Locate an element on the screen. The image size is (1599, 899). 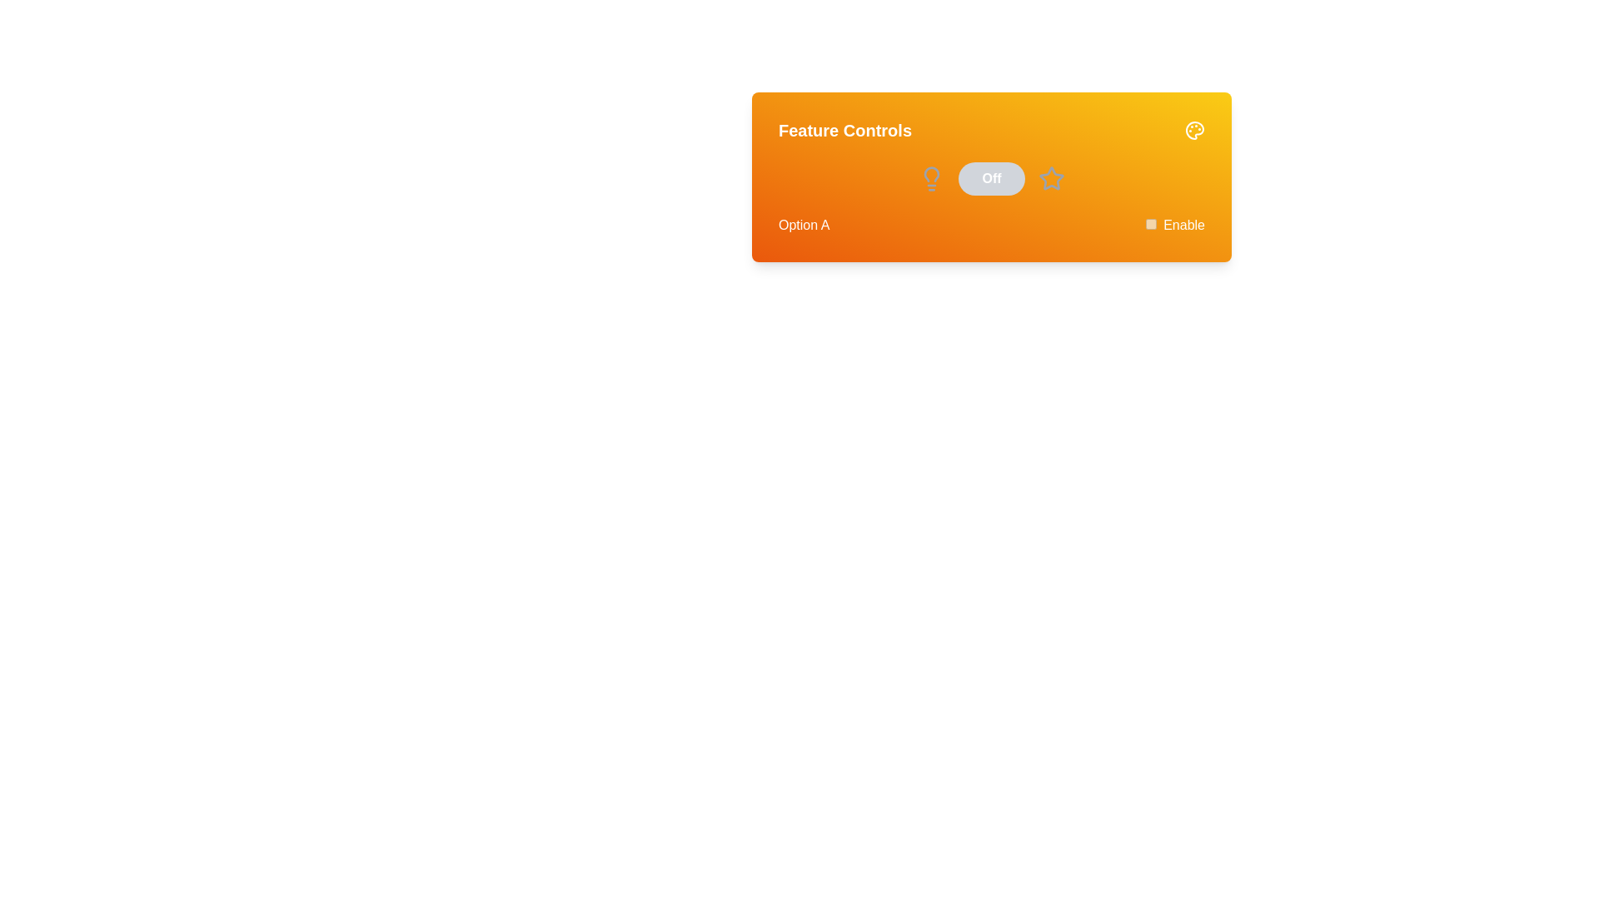
the toggle option within the 'Feature Controls' Control Panel to switch between 'Off' and 'Enable' is located at coordinates (991, 176).